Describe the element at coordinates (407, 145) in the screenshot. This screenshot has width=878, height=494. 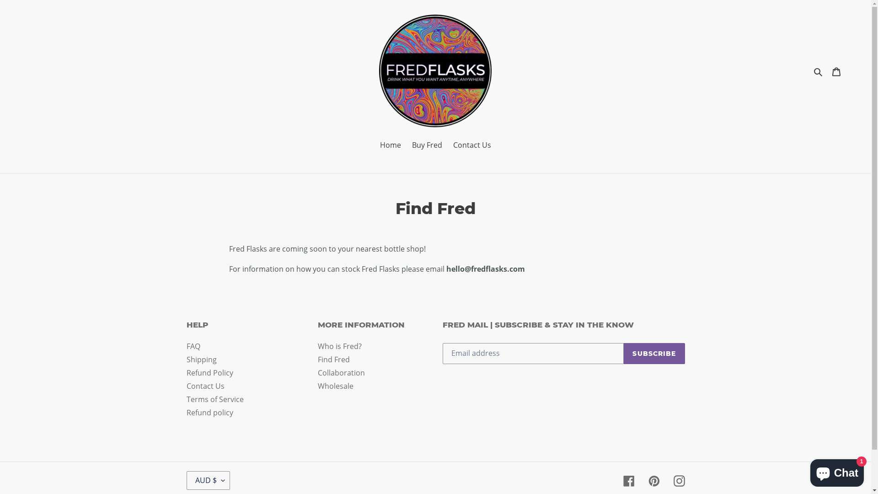
I see `'Buy Fred'` at that location.